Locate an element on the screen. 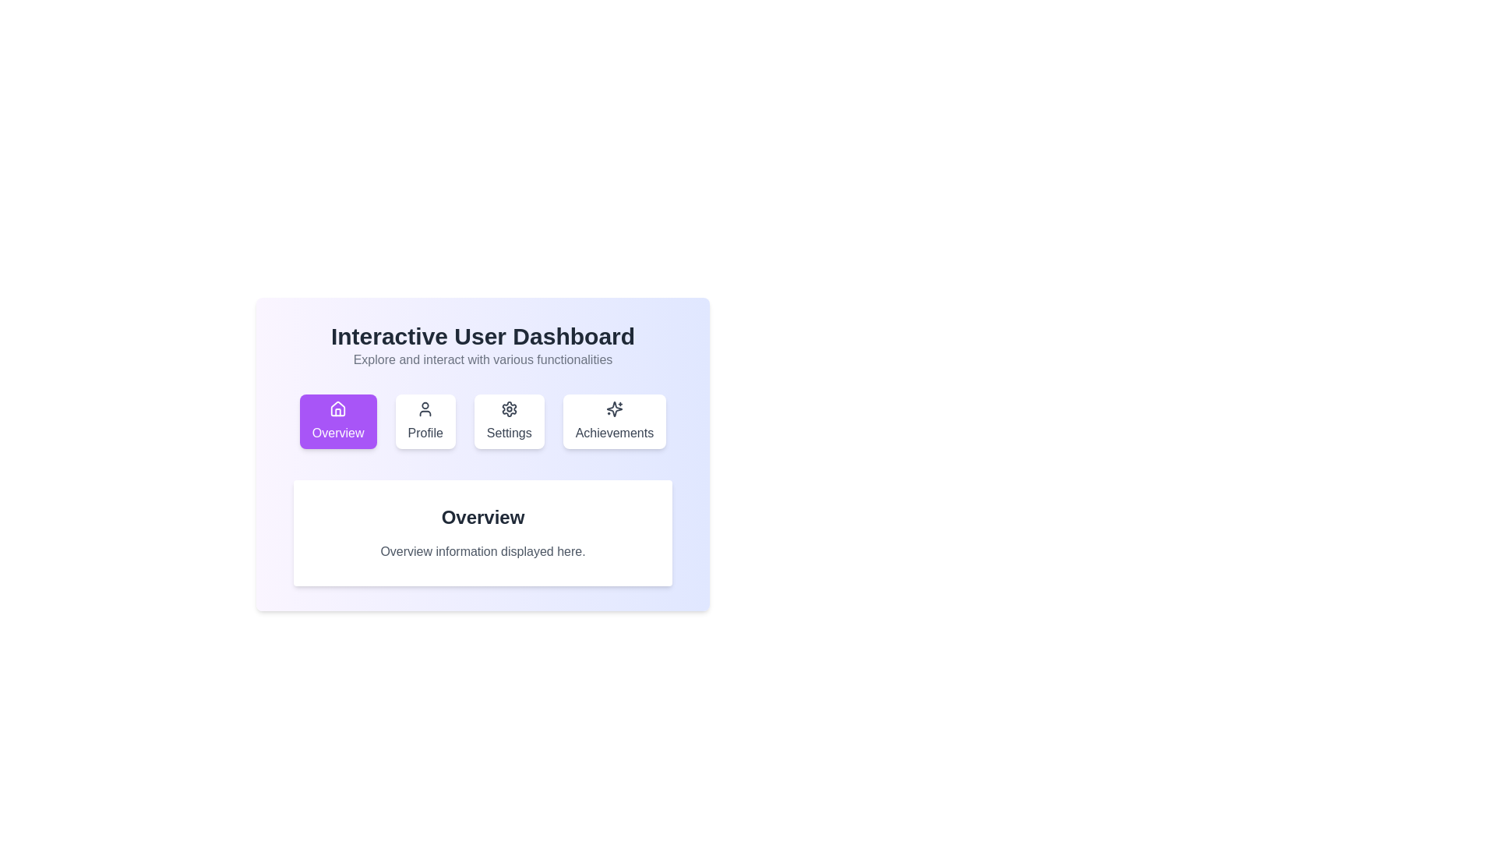 The height and width of the screenshot is (842, 1496). the Text label within the button in the top-left corner is located at coordinates (337, 433).